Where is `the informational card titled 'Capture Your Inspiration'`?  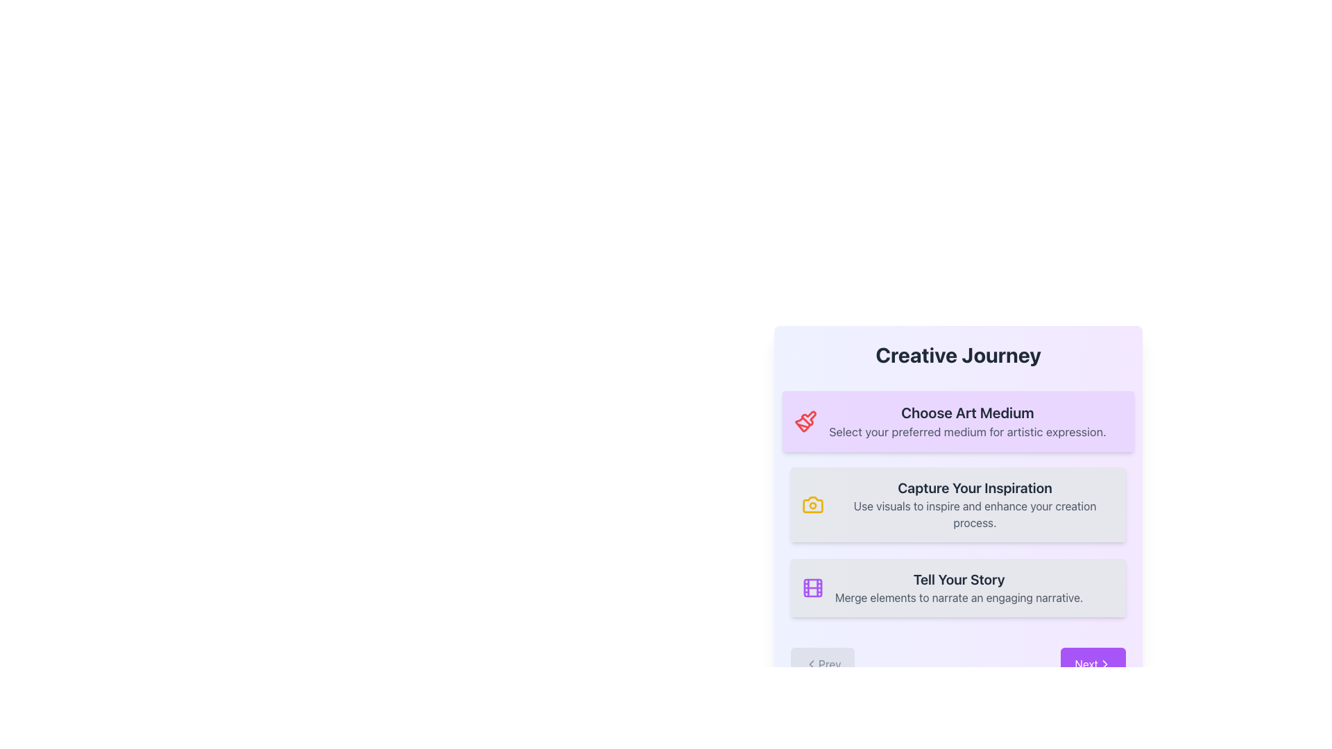 the informational card titled 'Capture Your Inspiration' is located at coordinates (957, 511).